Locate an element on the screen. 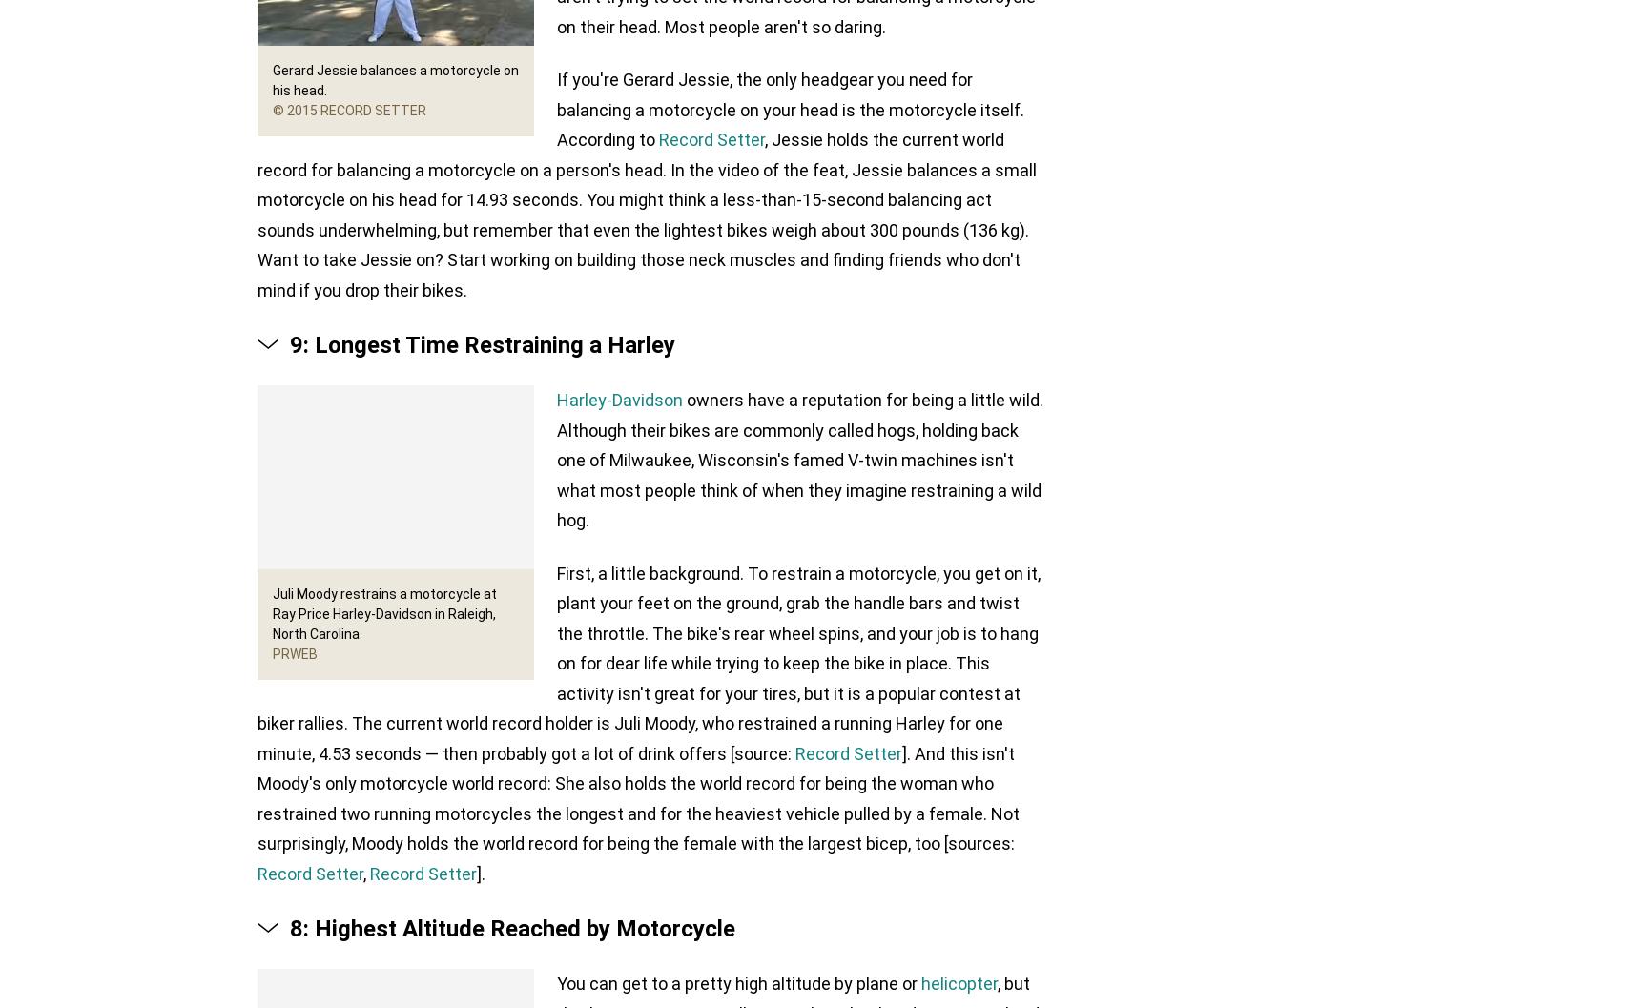 This screenshot has height=1008, width=1629. 'Gerard Jessie balances a motorcycle on his head.' is located at coordinates (272, 79).